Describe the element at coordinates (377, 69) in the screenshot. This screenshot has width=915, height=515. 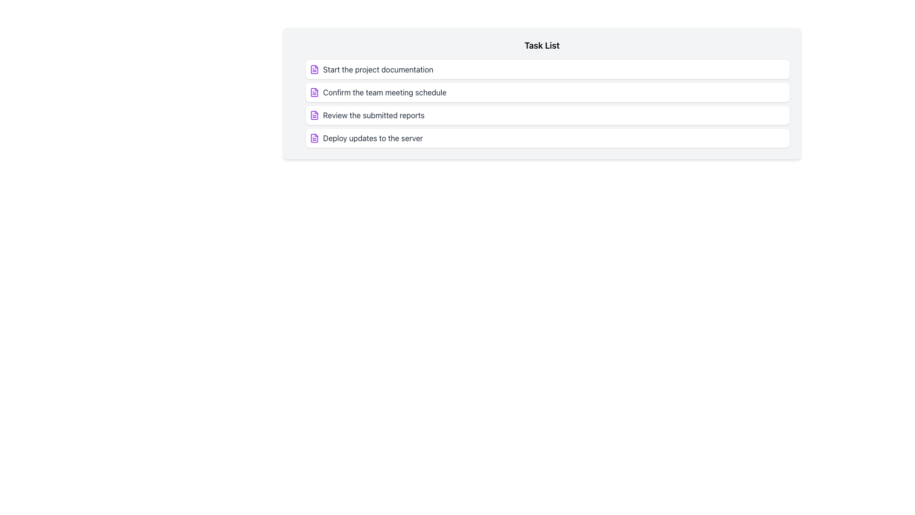
I see `the text label displaying 'Start the project documentation' in the task list` at that location.